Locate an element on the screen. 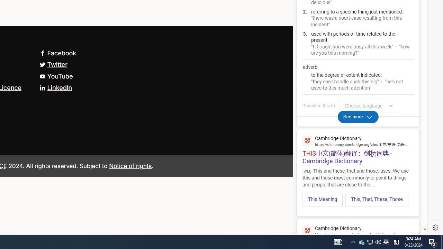 The height and width of the screenshot is (249, 443). 'Global web icon' is located at coordinates (307, 231).